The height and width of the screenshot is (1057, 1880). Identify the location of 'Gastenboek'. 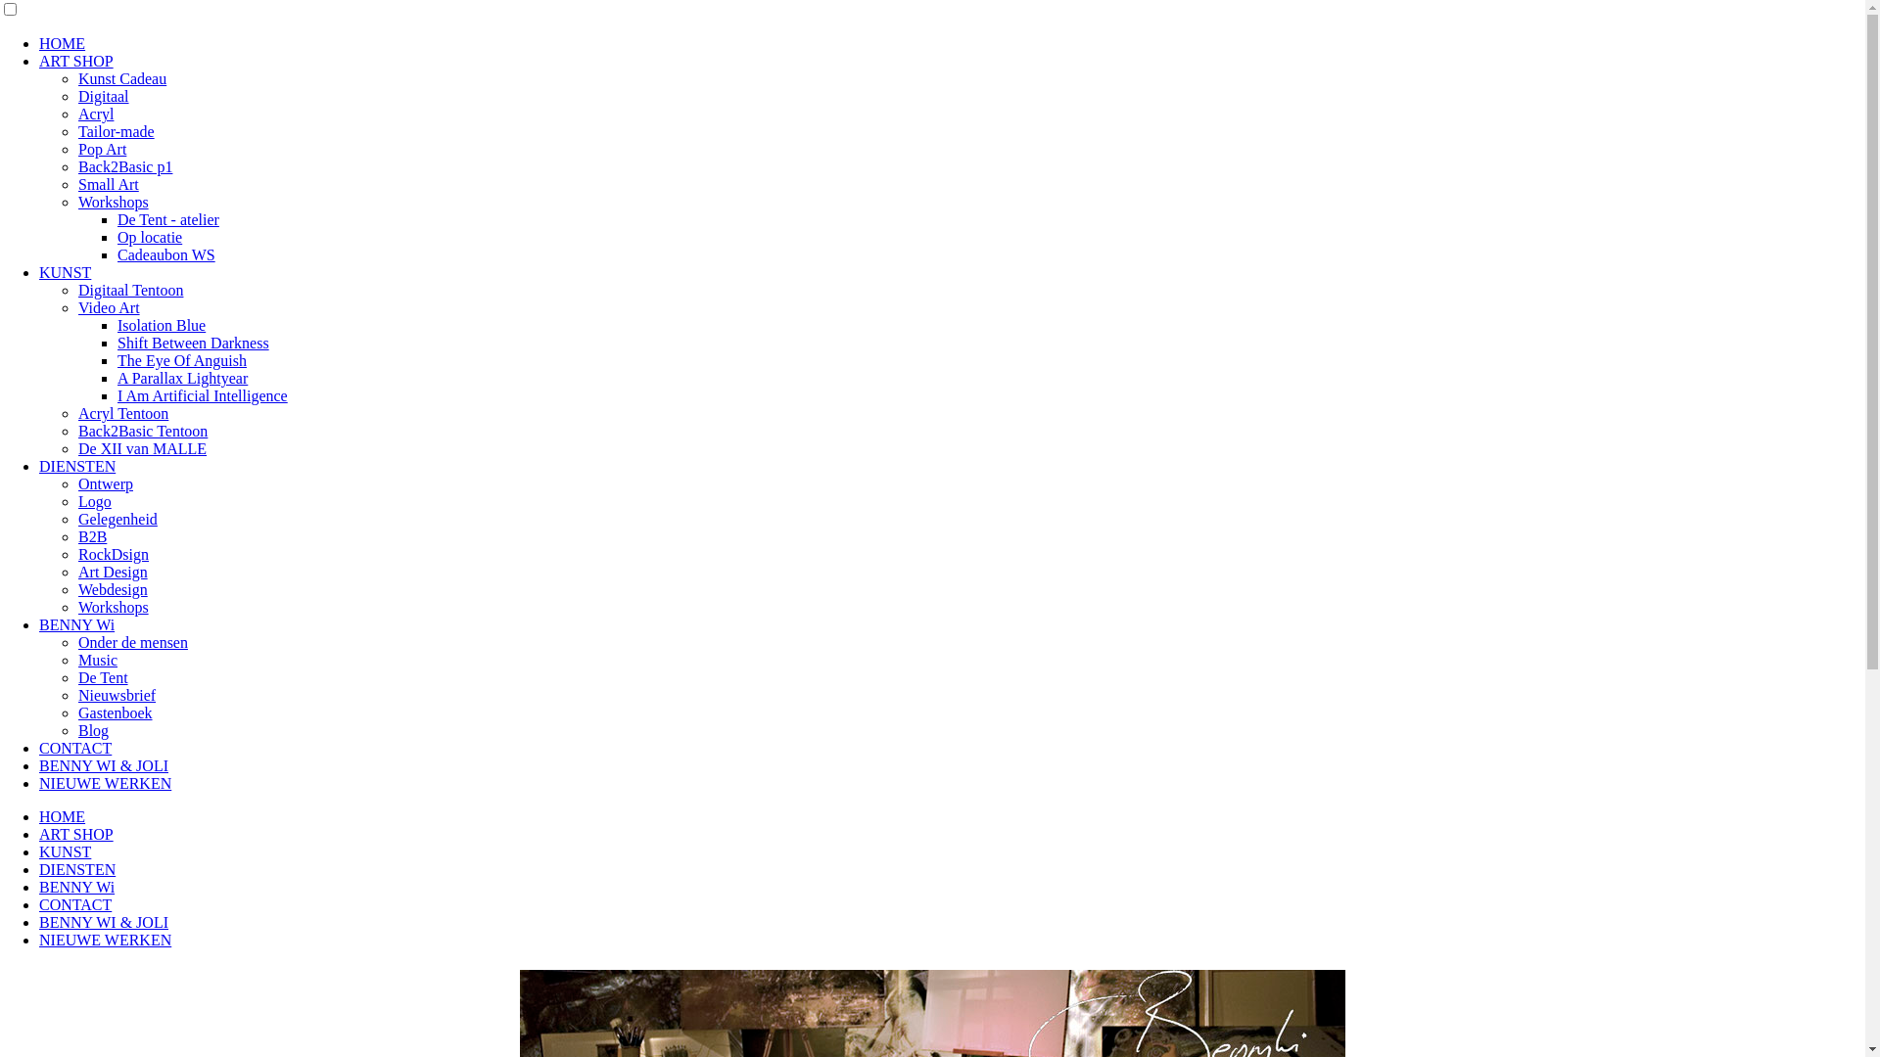
(78, 712).